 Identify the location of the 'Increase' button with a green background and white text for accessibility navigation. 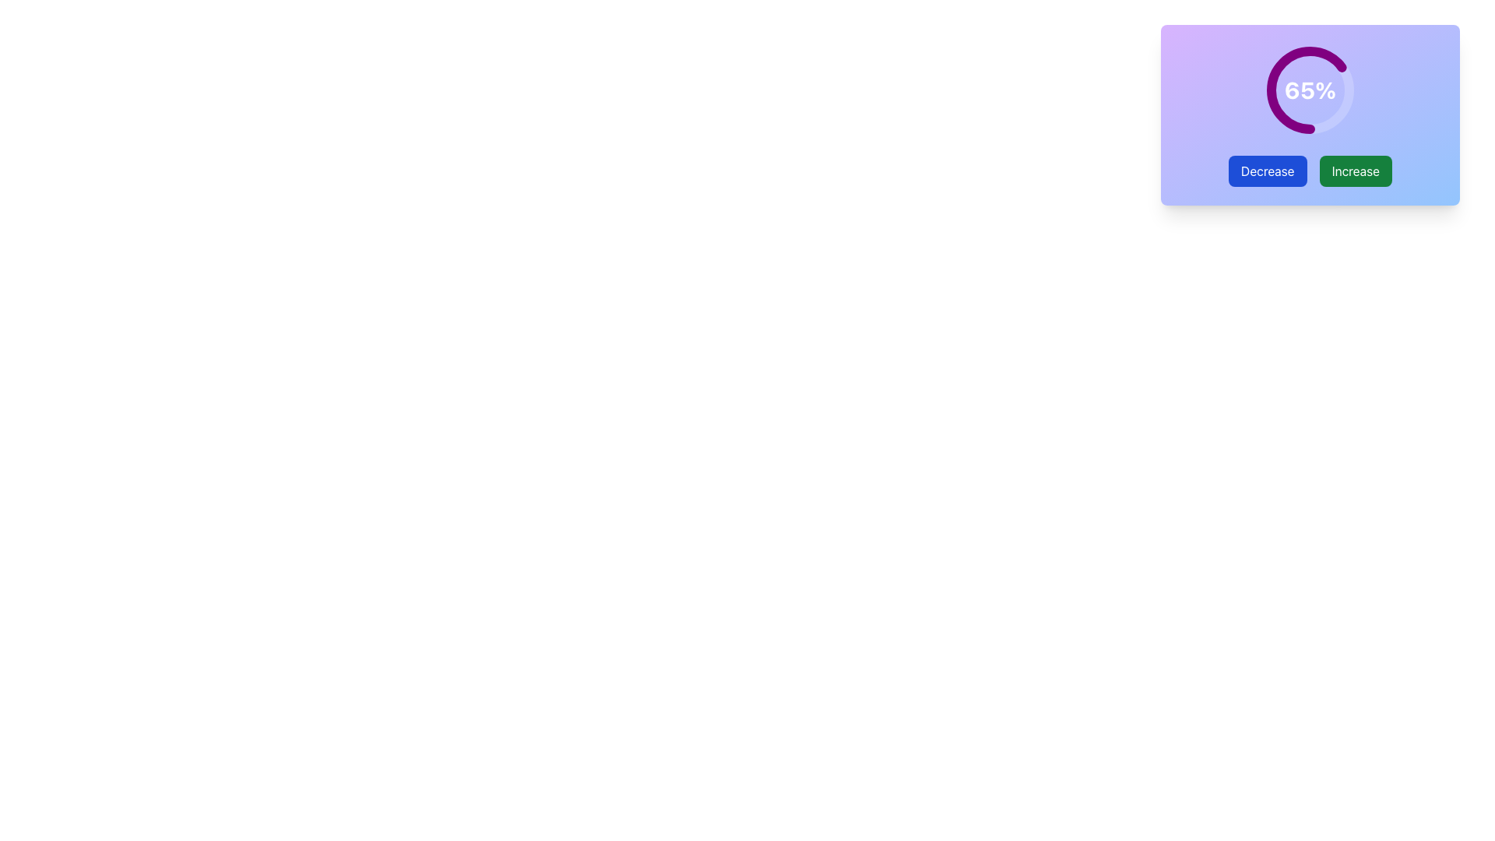
(1355, 171).